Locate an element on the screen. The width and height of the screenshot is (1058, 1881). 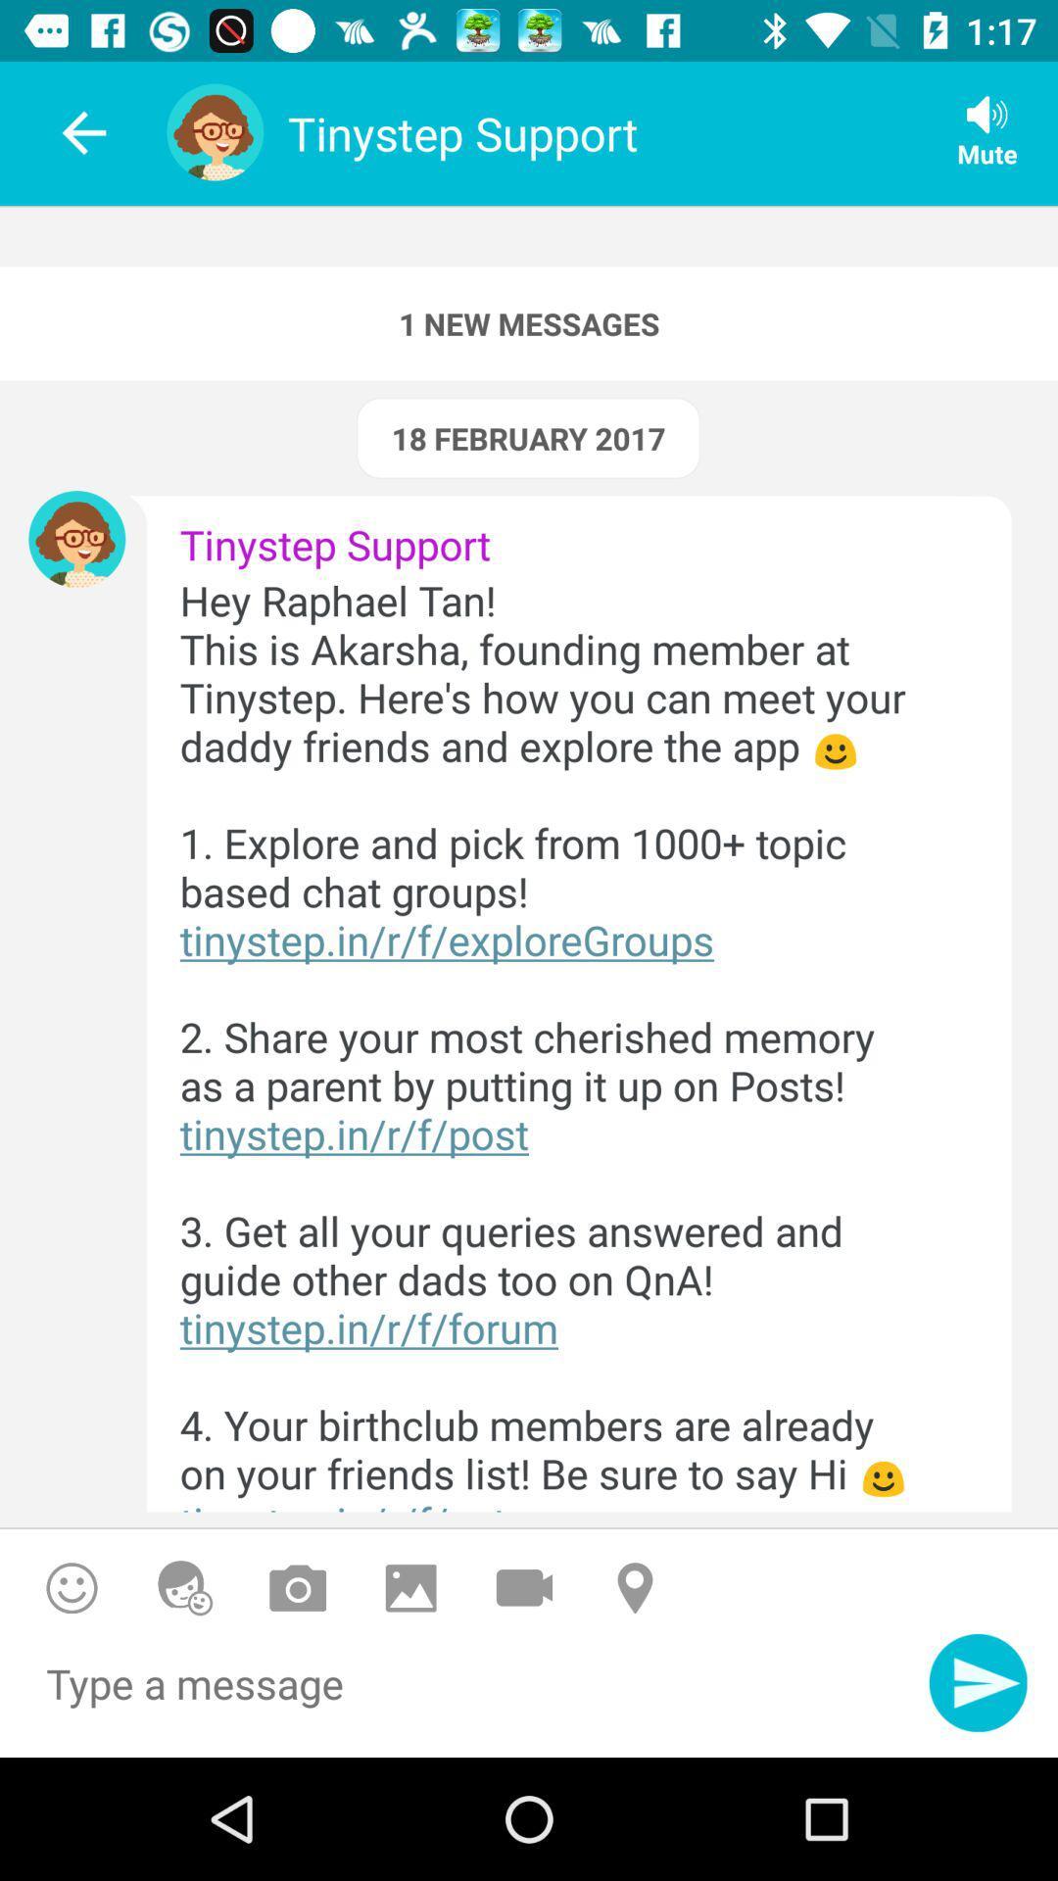
send is located at coordinates (978, 1681).